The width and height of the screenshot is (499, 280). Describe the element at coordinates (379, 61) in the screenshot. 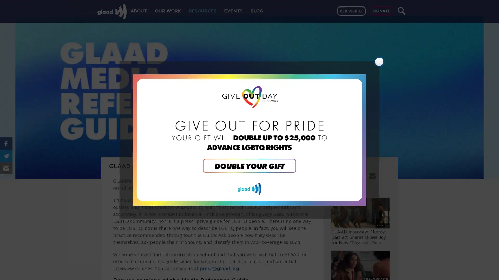

I see `Close` at that location.